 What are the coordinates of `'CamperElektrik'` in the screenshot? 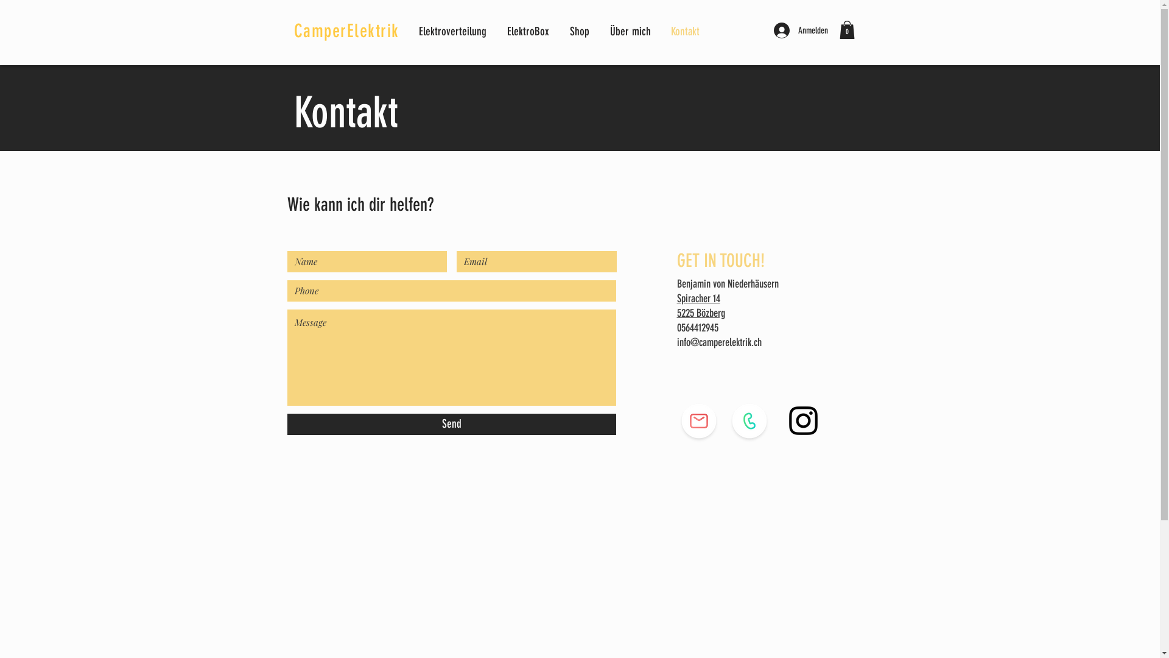 It's located at (345, 30).